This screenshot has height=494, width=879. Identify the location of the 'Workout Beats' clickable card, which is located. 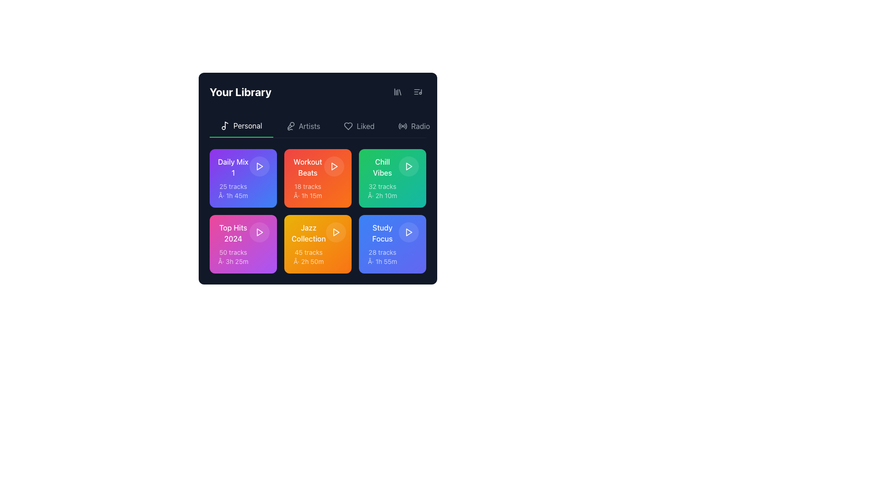
(318, 178).